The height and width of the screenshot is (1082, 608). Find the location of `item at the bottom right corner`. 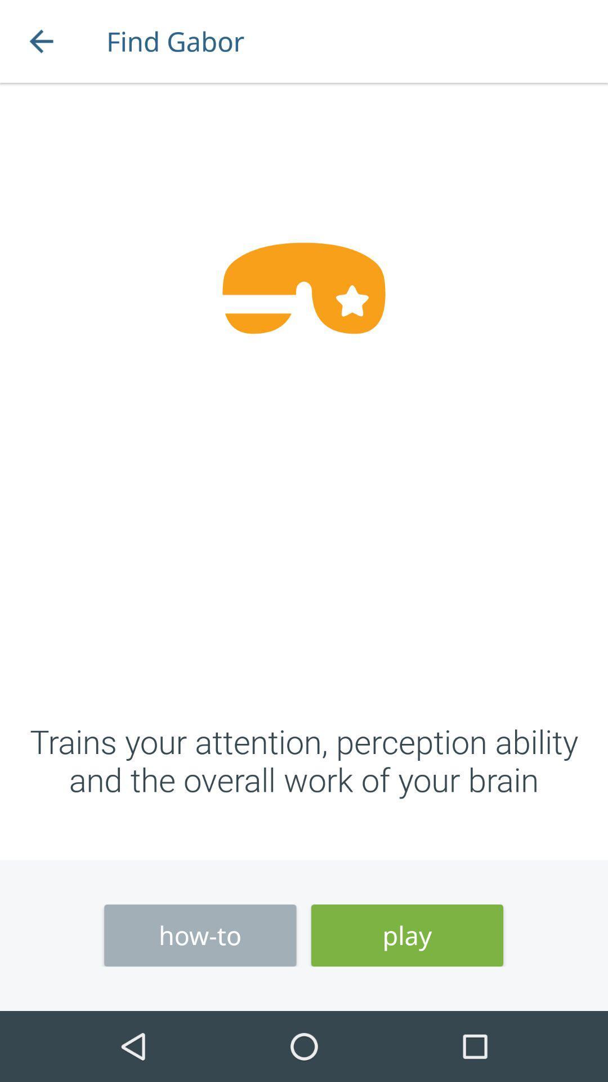

item at the bottom right corner is located at coordinates (407, 935).